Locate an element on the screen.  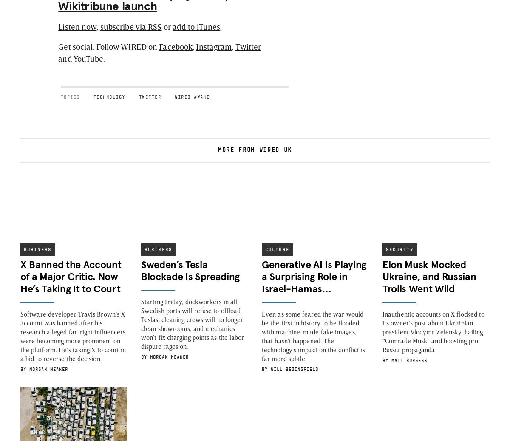
'Starting Friday, dockworkers in all Swedish ports will refuse to offload Teslas, cleaning crews will no longer clean showrooms, and mechanics won’t fix charging points as the labor dispute rages on.' is located at coordinates (192, 323).